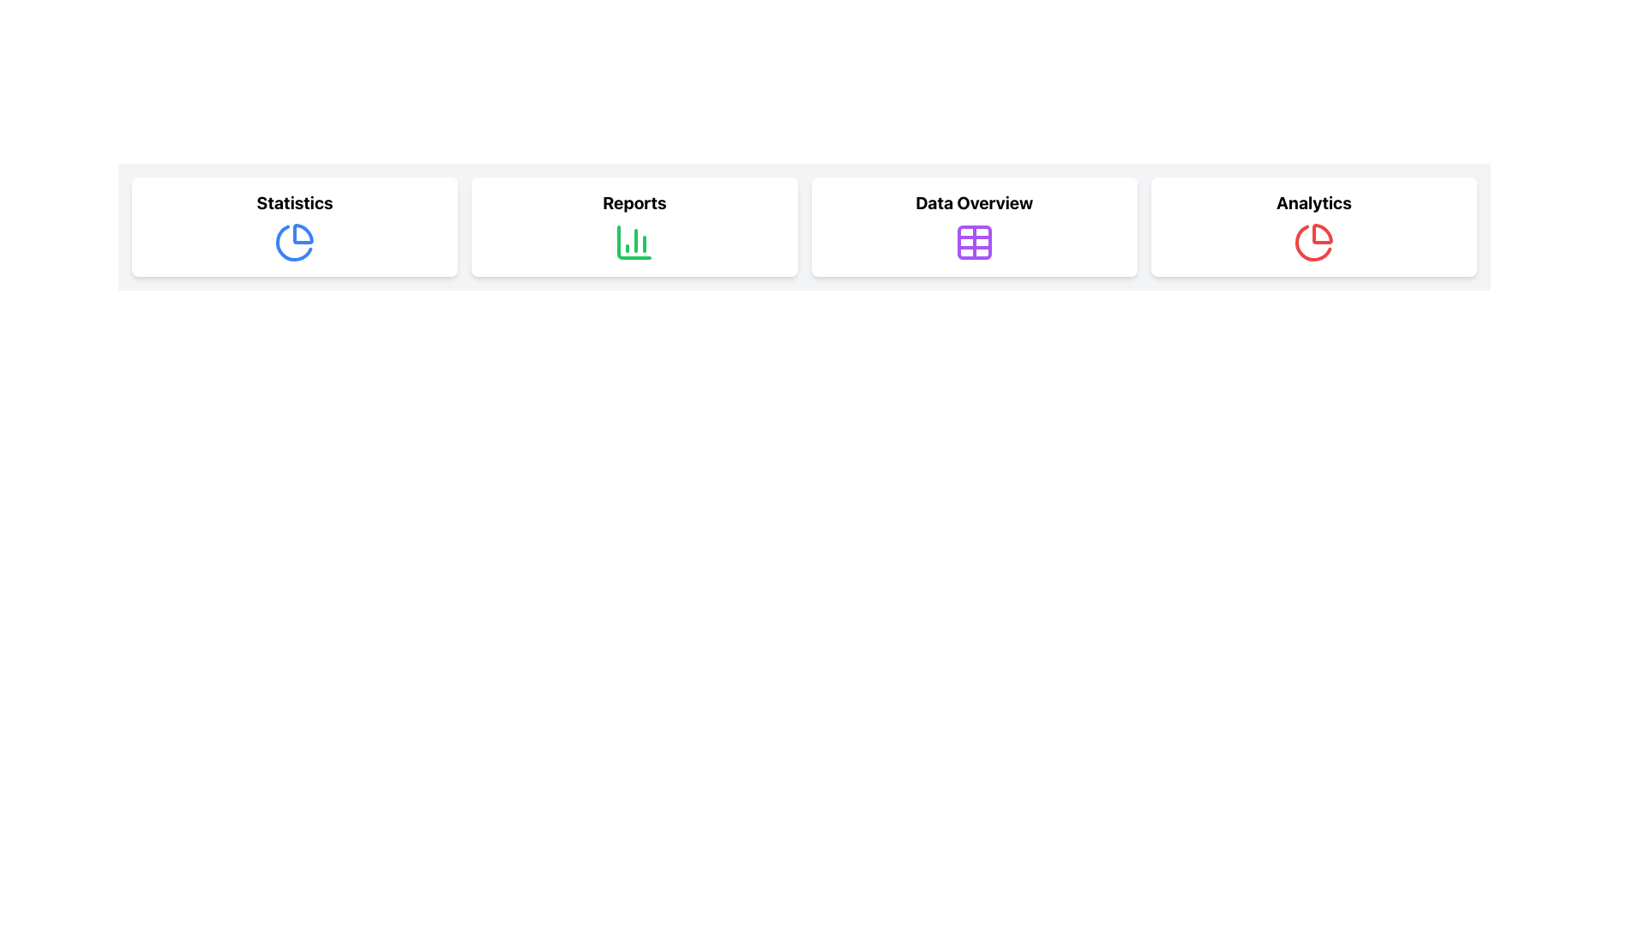 This screenshot has height=926, width=1646. I want to click on the SVG graphic icon resembling a table or grid with a purple outline, located in the center-bottom area of the 'Data Overview' card, so click(974, 242).